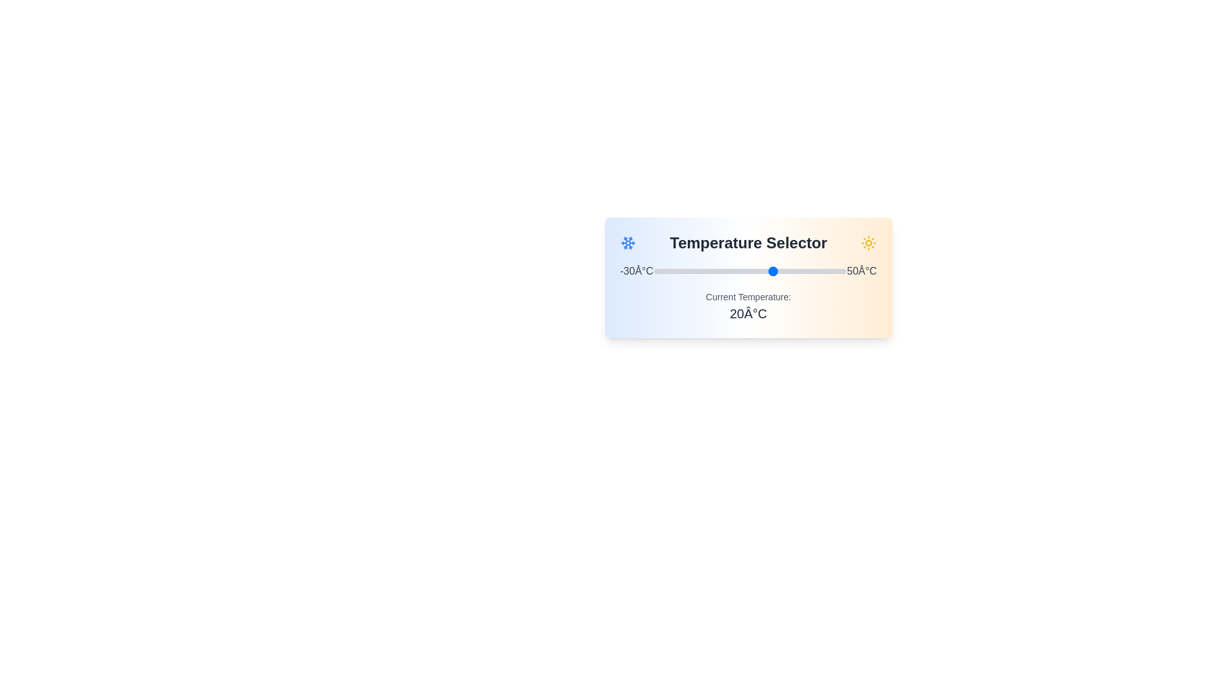 The image size is (1232, 693). What do you see at coordinates (748, 243) in the screenshot?
I see `the static text label indicating the functionality of the temperature selection interface, which is centrally positioned and flanked by a snowflake icon on the left and a sun icon on the right` at bounding box center [748, 243].